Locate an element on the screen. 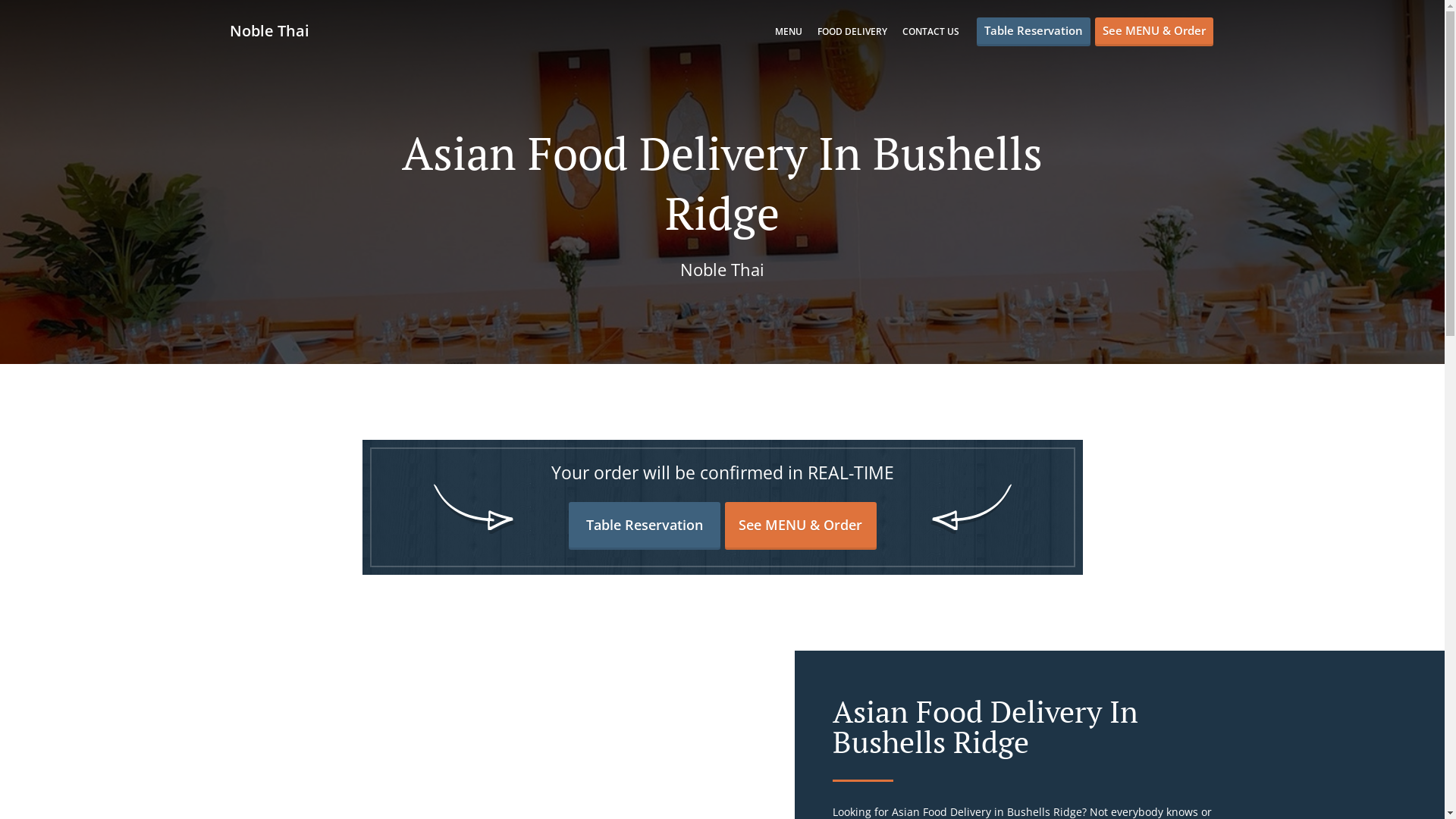 This screenshot has height=819, width=1456. 'FOOD DELIVERY' is located at coordinates (817, 31).